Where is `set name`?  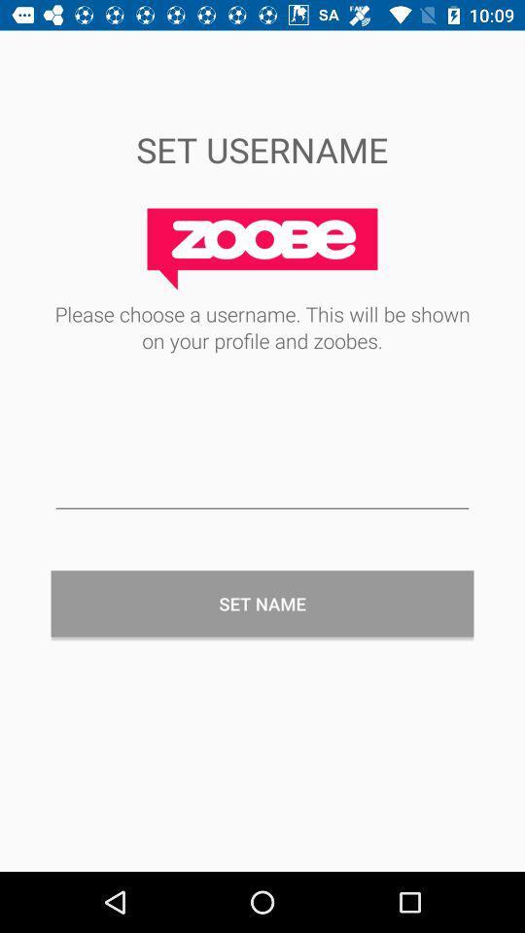
set name is located at coordinates (262, 603).